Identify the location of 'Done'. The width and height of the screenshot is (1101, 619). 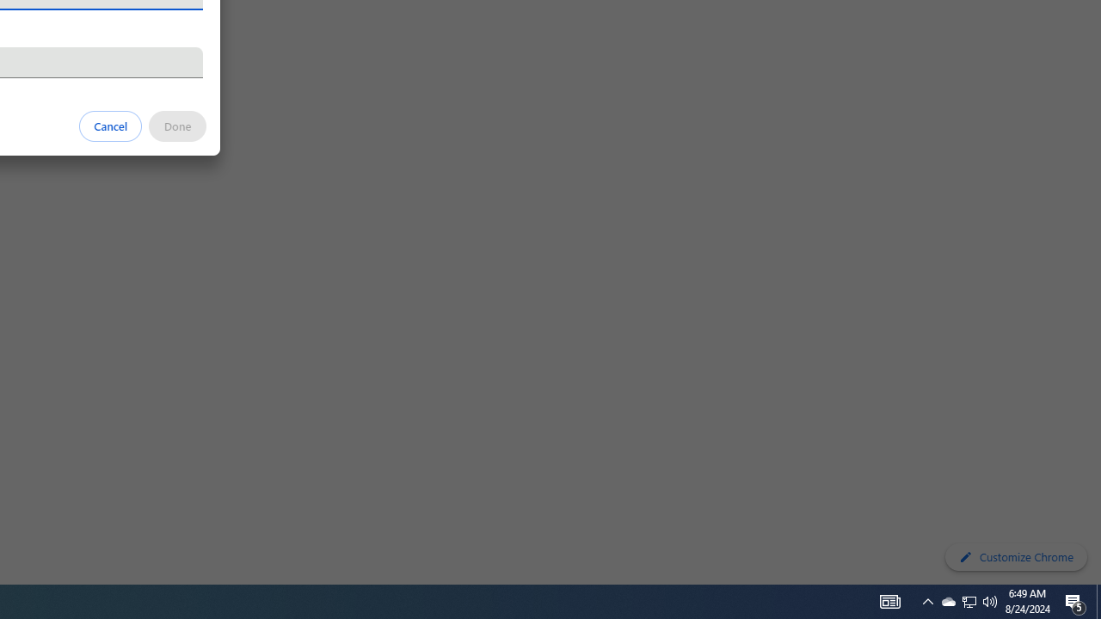
(177, 125).